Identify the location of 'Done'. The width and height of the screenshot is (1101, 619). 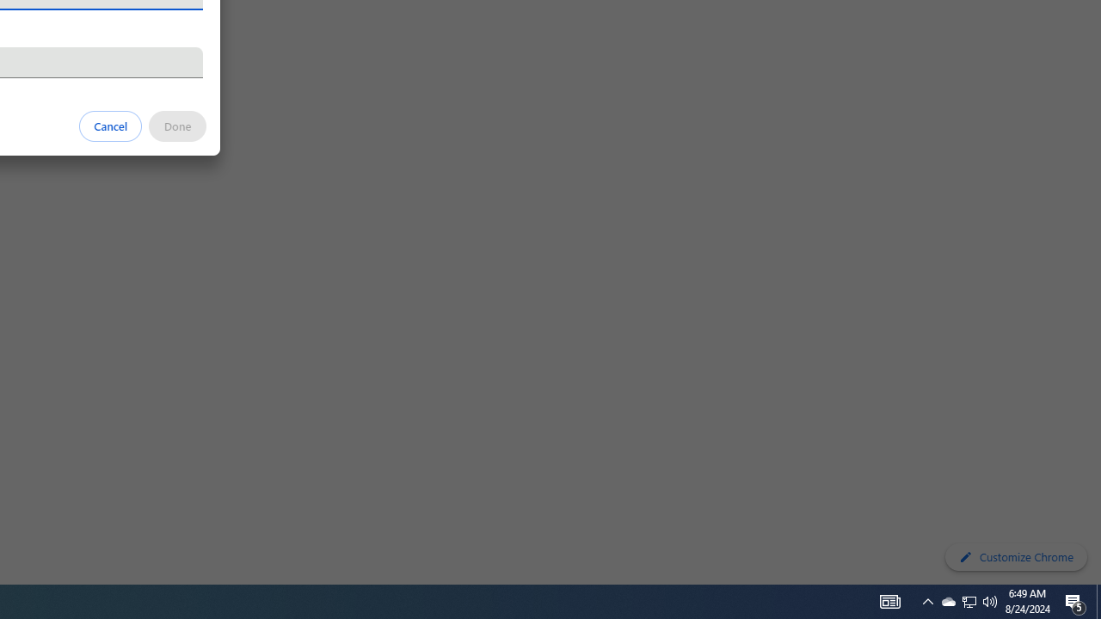
(177, 125).